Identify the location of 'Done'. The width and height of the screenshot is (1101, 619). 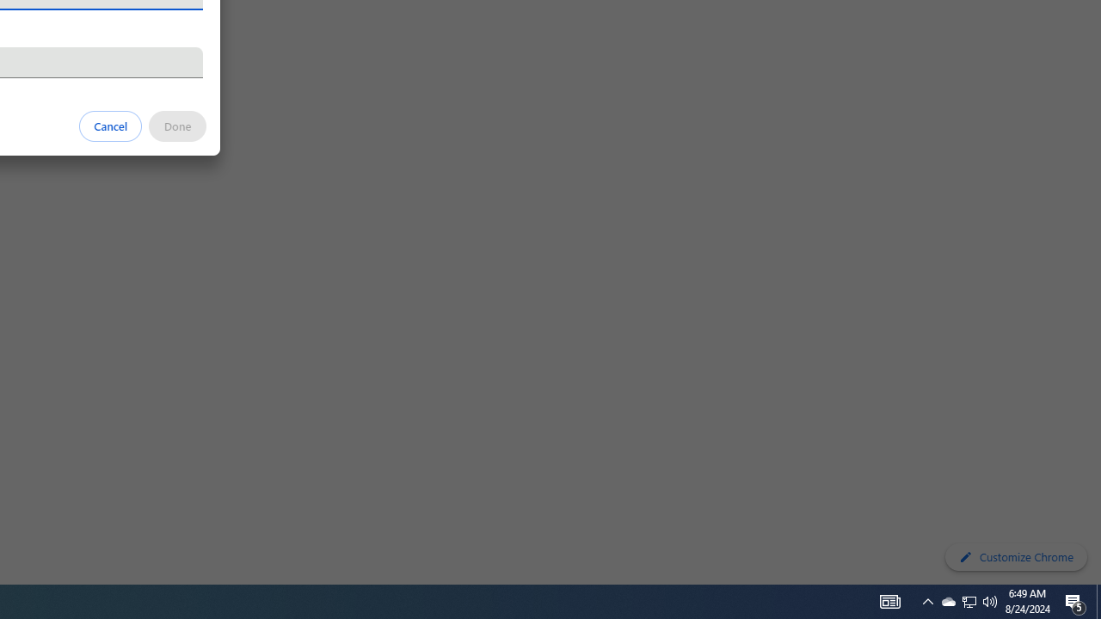
(177, 125).